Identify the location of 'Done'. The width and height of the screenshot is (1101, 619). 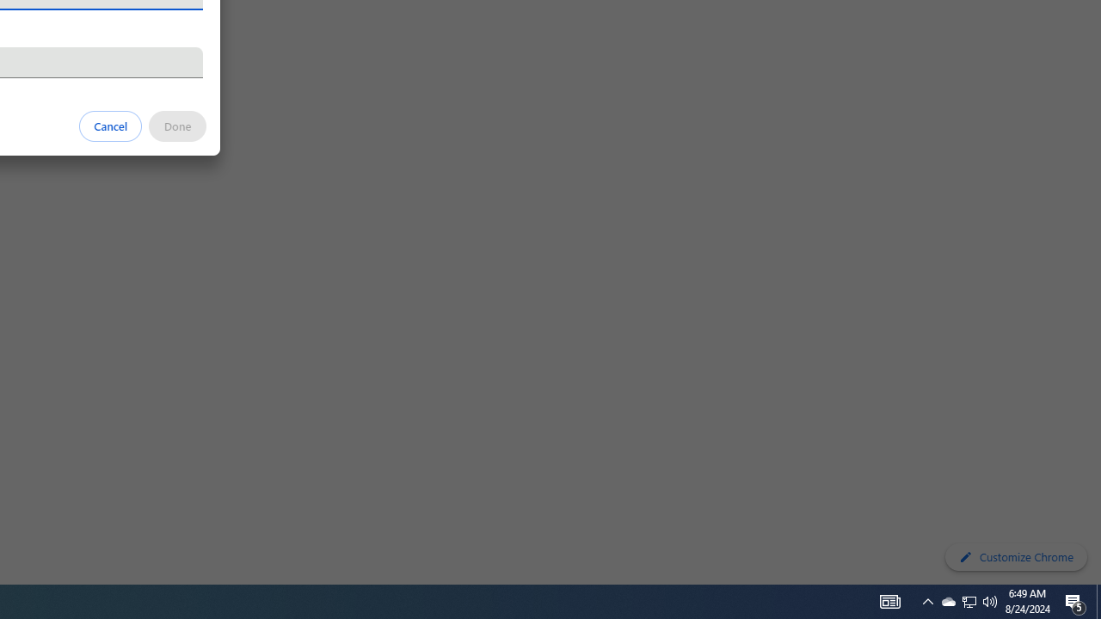
(177, 125).